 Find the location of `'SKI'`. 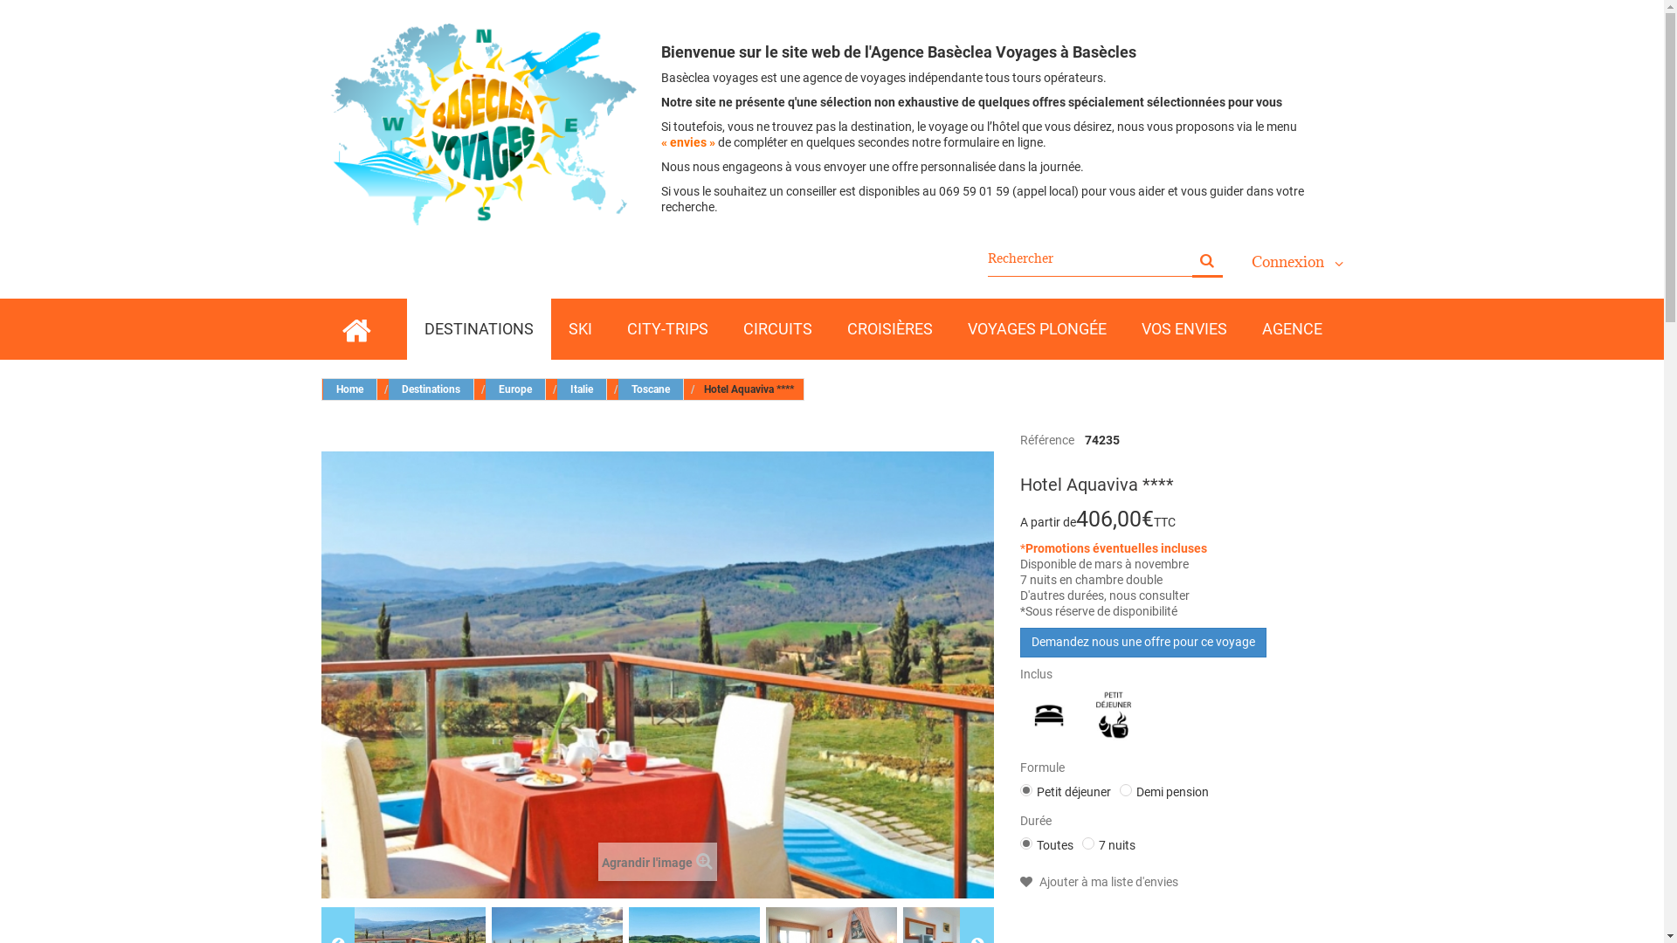

'SKI' is located at coordinates (579, 329).